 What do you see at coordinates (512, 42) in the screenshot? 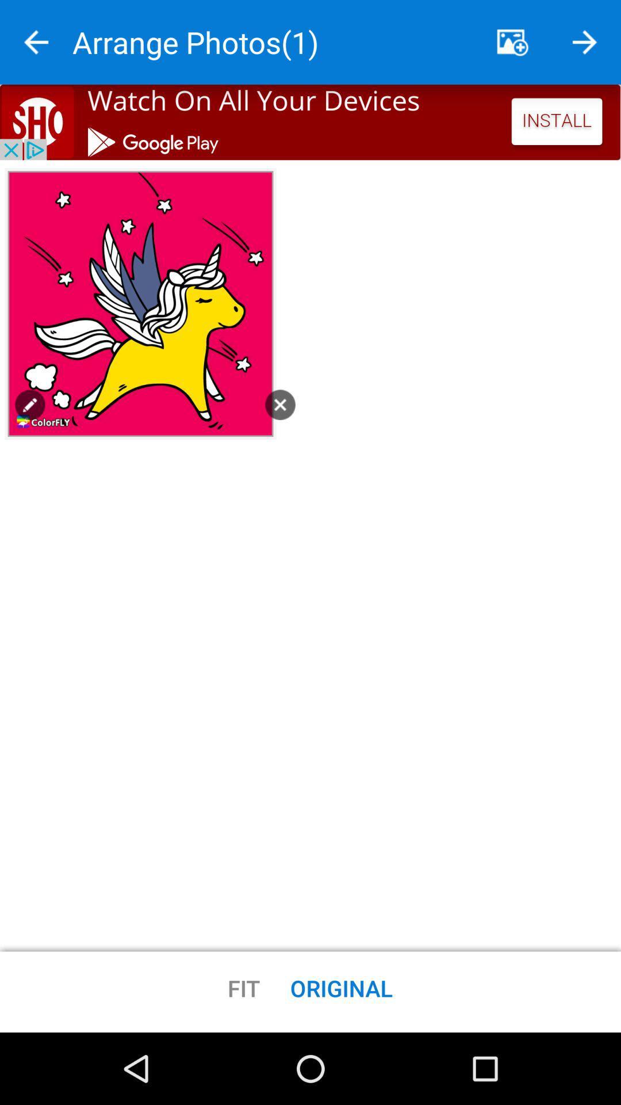
I see `pictures` at bounding box center [512, 42].